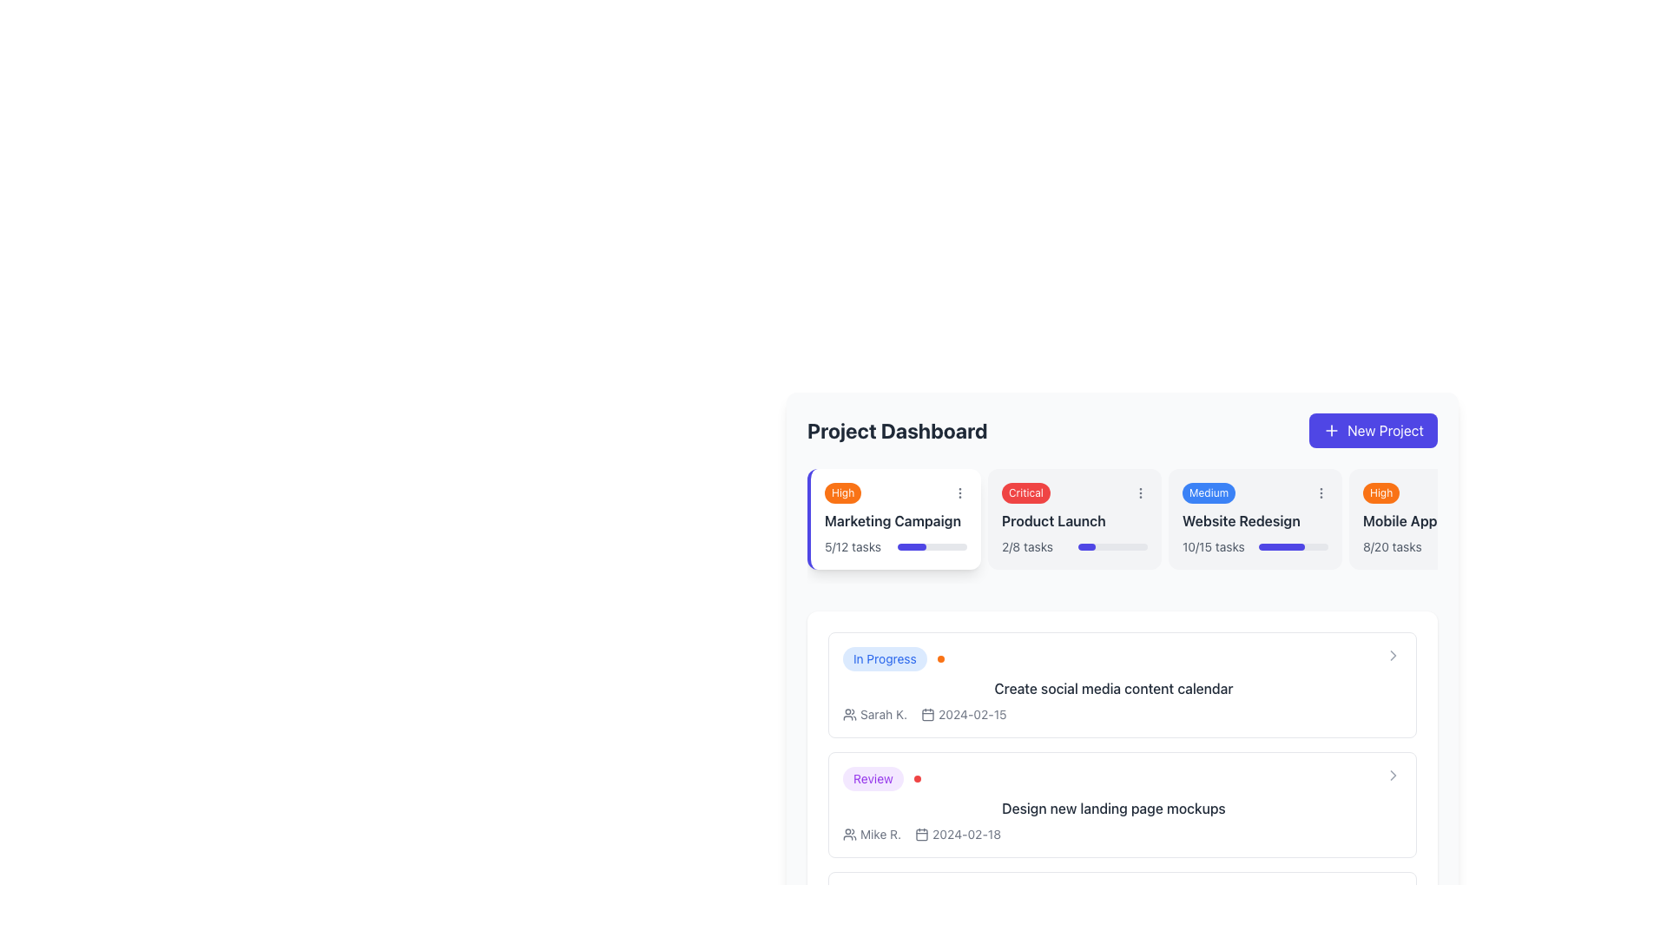  What do you see at coordinates (1453, 545) in the screenshot?
I see `the Progress bar segment that visually represents the progress of tasks completed, located within the Mobile App card in the Project Dashboard interface` at bounding box center [1453, 545].